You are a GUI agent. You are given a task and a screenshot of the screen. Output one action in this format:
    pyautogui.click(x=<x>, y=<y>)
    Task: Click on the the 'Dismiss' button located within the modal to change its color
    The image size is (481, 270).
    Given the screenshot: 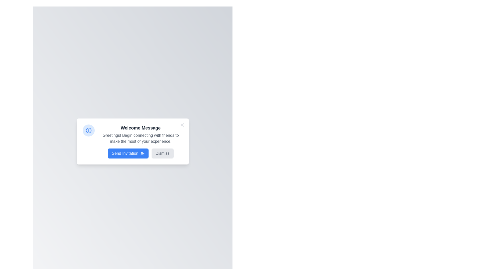 What is the action you would take?
    pyautogui.click(x=162, y=153)
    